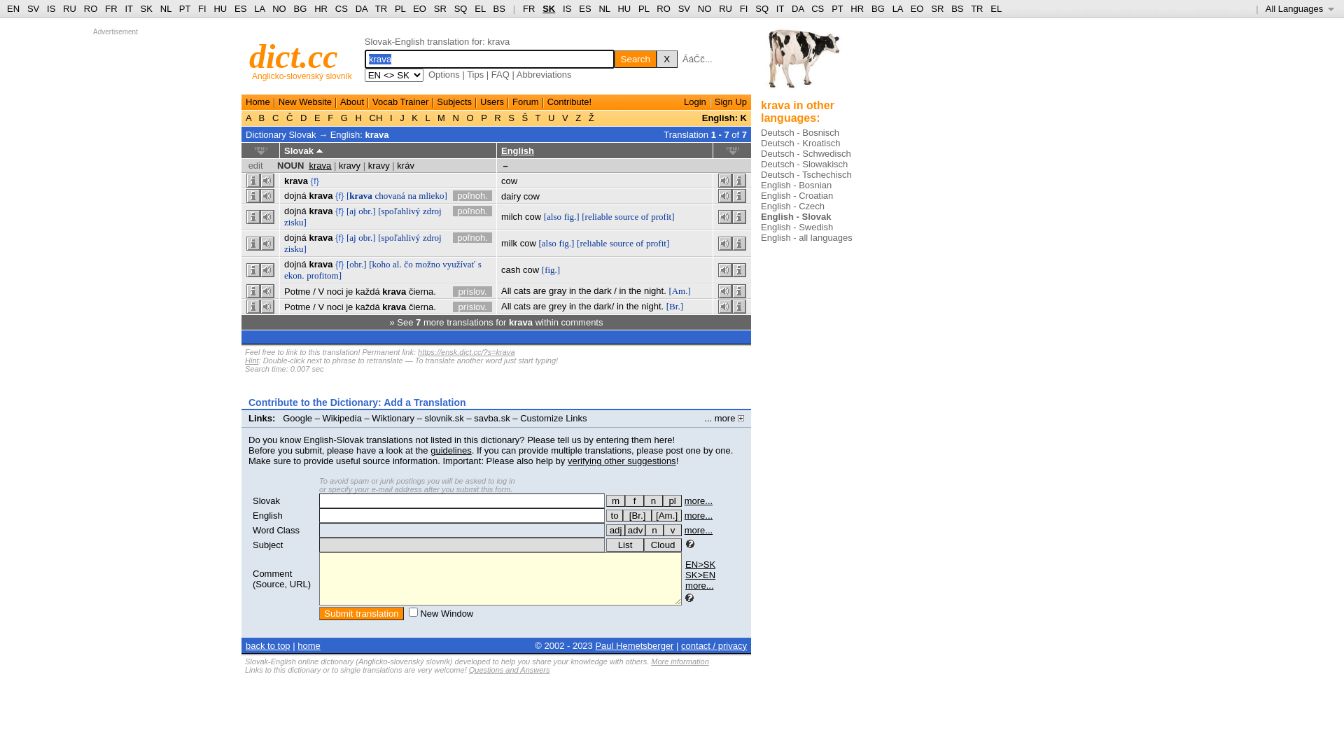 The width and height of the screenshot is (1344, 756). I want to click on 'D', so click(302, 117).